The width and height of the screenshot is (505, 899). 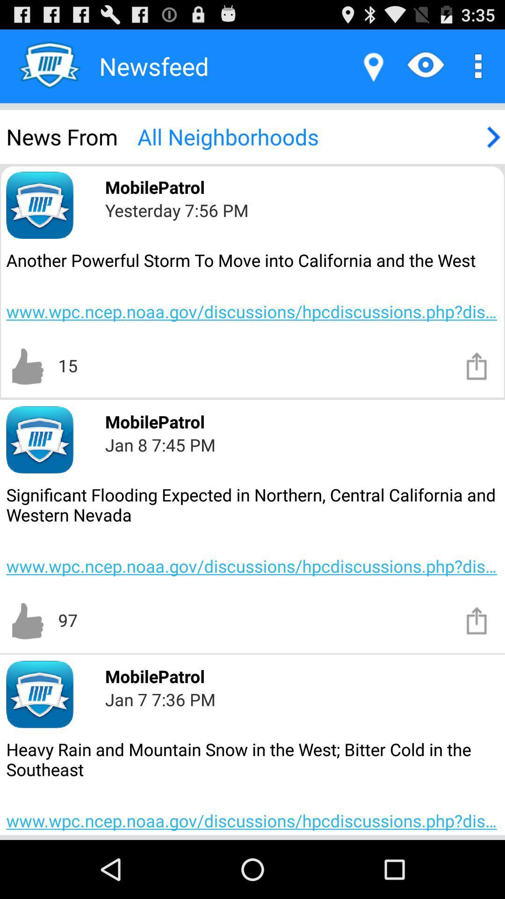 What do you see at coordinates (477, 365) in the screenshot?
I see `share the article` at bounding box center [477, 365].